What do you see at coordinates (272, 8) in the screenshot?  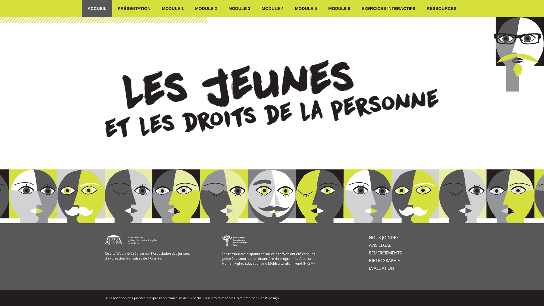 I see `'MODULE 4'` at bounding box center [272, 8].